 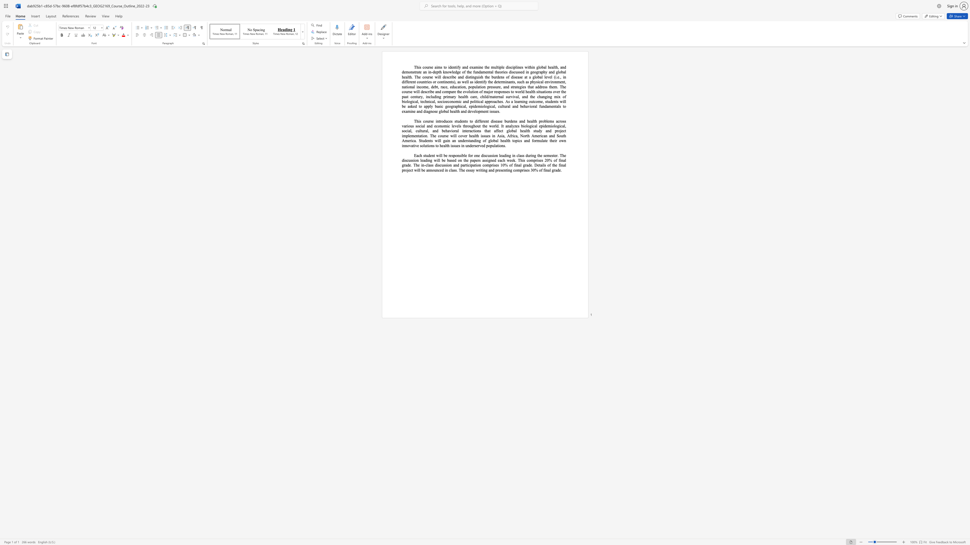 I want to click on the 31th character "a" in the text, so click(x=453, y=140).